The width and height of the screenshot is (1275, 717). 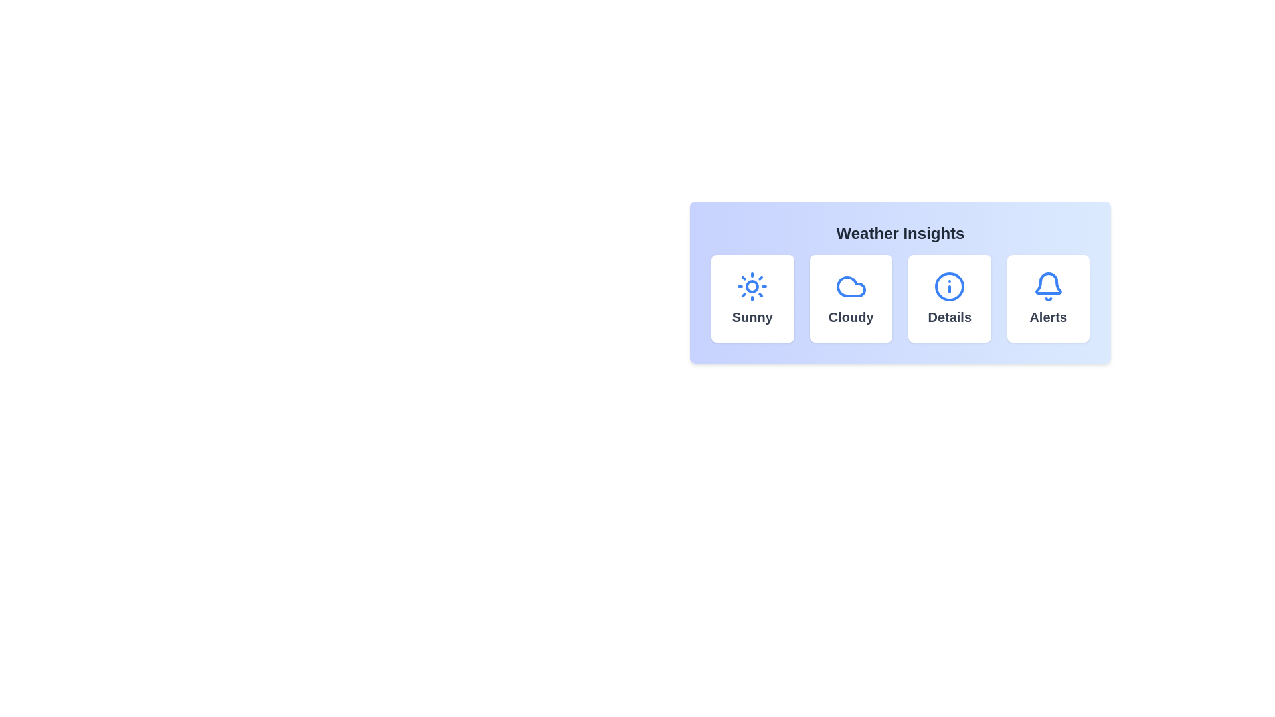 What do you see at coordinates (1047, 299) in the screenshot?
I see `the 'Alerts' button-like card, which is a white rectangular card with a blue bell icon and bold text, located in the 'Weather Insights' section` at bounding box center [1047, 299].